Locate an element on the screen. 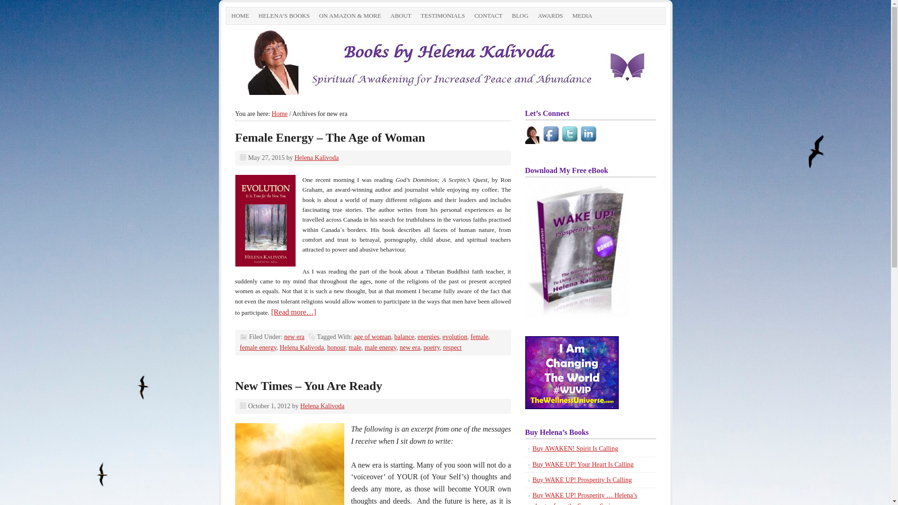 The image size is (898, 505). 'AWARDS' is located at coordinates (550, 16).